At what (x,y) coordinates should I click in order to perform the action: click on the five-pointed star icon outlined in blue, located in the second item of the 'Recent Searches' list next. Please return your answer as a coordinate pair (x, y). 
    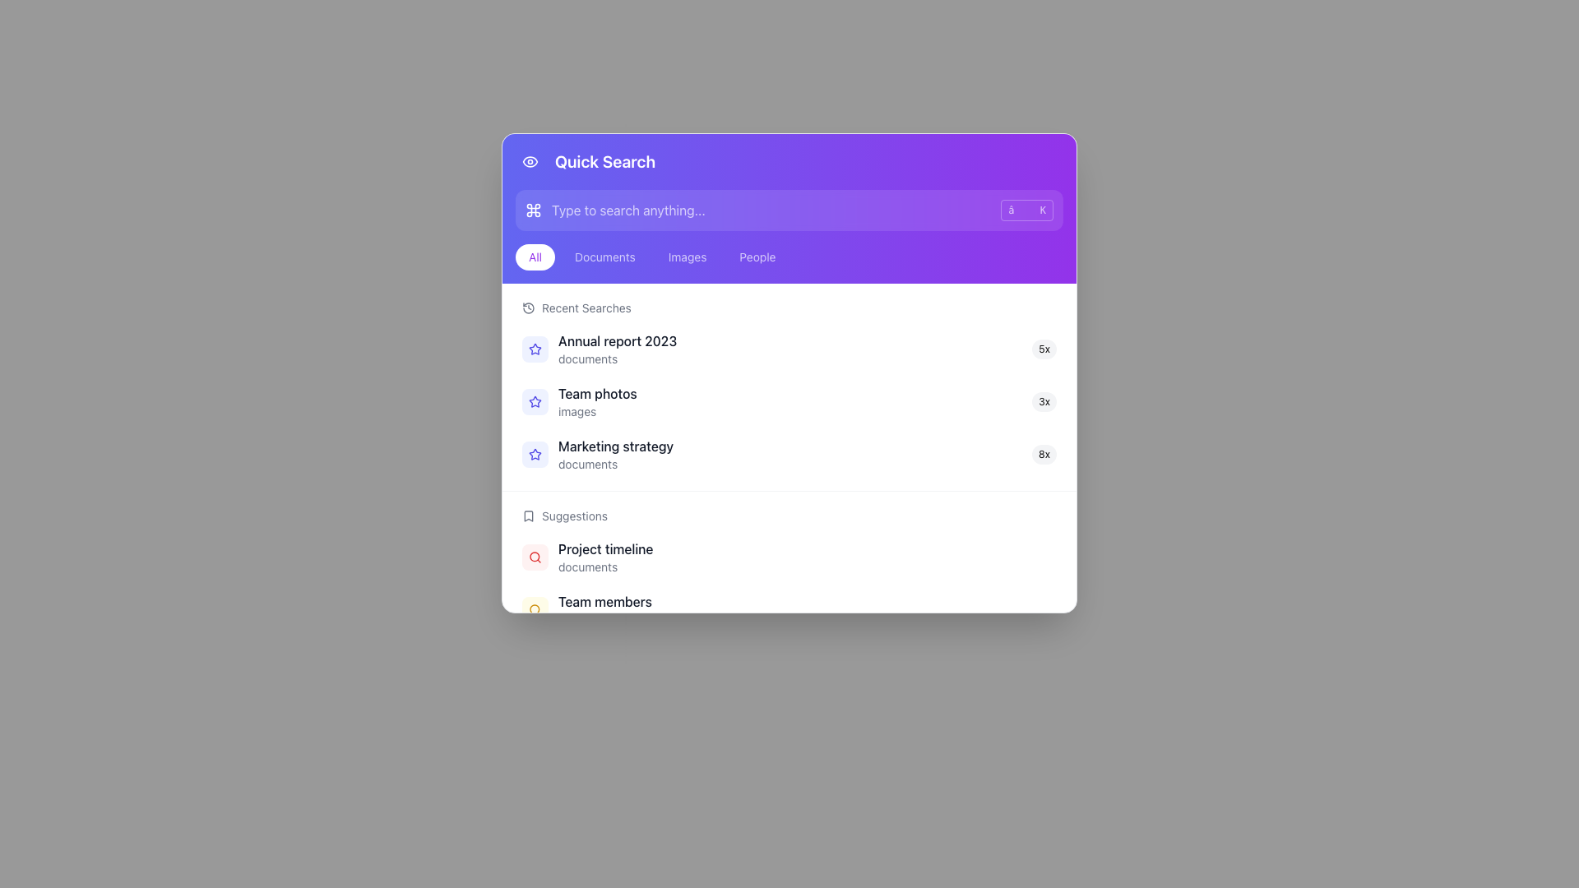
    Looking at the image, I should click on (535, 348).